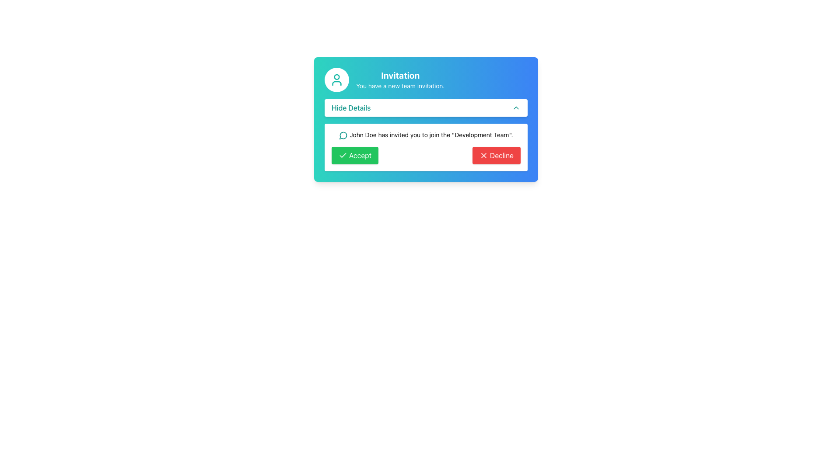 This screenshot has height=472, width=840. Describe the element at coordinates (343, 135) in the screenshot. I see `the teal-colored circular icon with a speech bubble shape, located before the text 'John Doe has invited you to join the "Development Team"'` at that location.